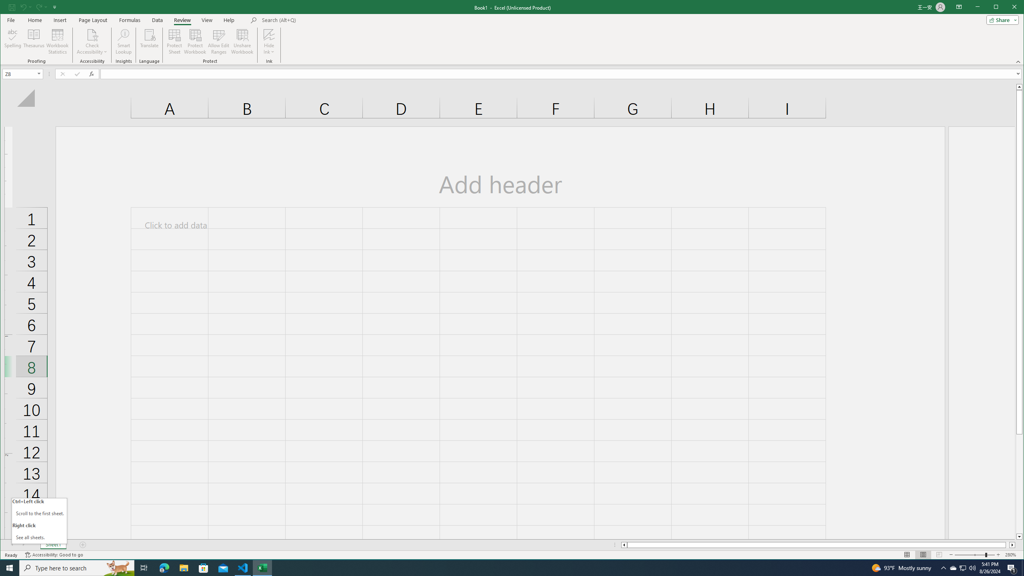  I want to click on 'Search highlights icon opens search home window', so click(118, 567).